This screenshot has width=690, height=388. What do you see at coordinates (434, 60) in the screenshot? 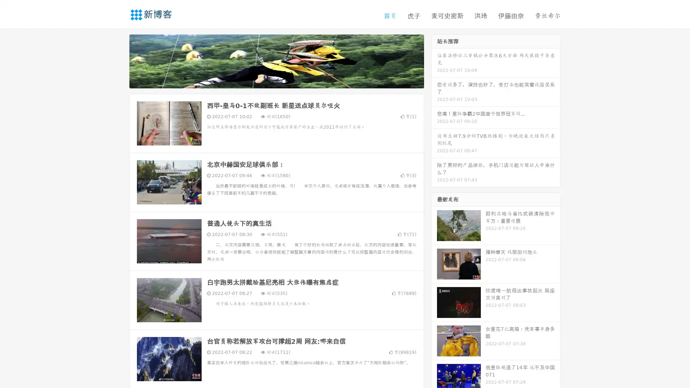
I see `Next slide` at bounding box center [434, 60].